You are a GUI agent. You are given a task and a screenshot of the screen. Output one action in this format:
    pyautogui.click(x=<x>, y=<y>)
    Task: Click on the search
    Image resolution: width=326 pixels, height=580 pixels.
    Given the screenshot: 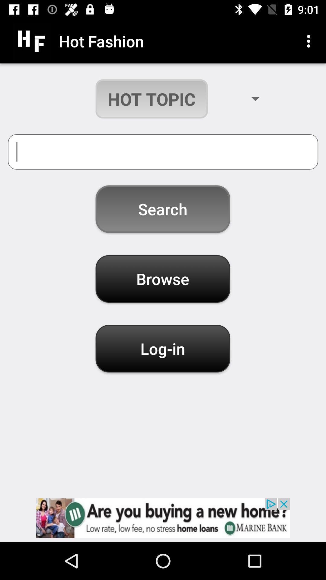 What is the action you would take?
    pyautogui.click(x=163, y=152)
    